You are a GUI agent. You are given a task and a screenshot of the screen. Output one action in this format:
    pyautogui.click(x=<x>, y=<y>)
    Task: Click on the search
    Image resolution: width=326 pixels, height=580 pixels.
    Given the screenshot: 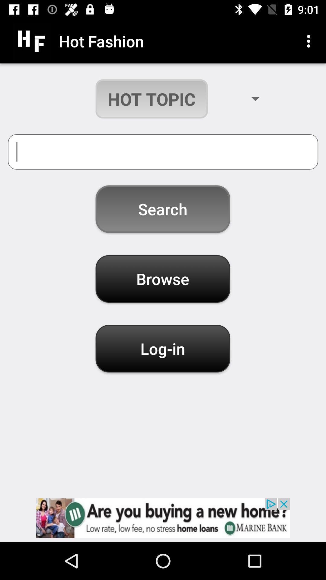 What is the action you would take?
    pyautogui.click(x=163, y=152)
    